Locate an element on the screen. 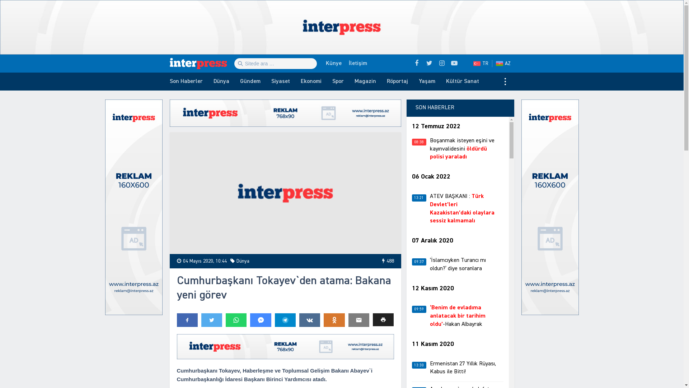 Image resolution: width=689 pixels, height=388 pixels. 'Share: Odnoklassniki' is located at coordinates (334, 320).